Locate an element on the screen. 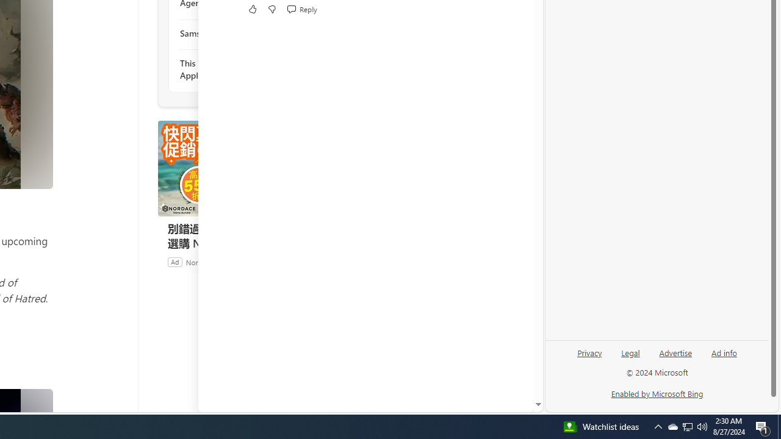  'Ad info' is located at coordinates (724, 357).